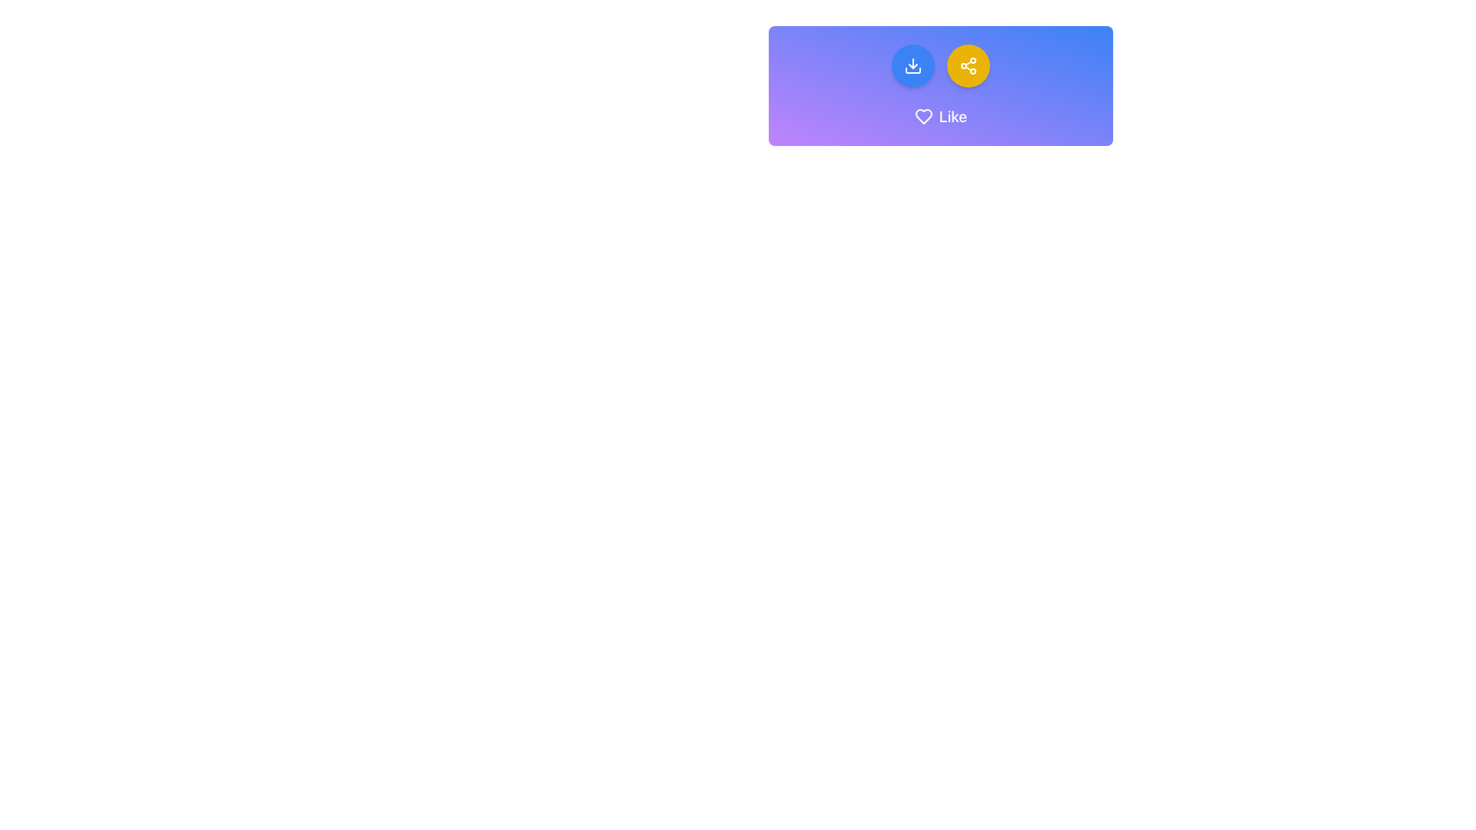 Image resolution: width=1476 pixels, height=830 pixels. I want to click on the heart icon representing the 'like' or 'favorite' functionality, located at the top center of the interface, so click(922, 115).